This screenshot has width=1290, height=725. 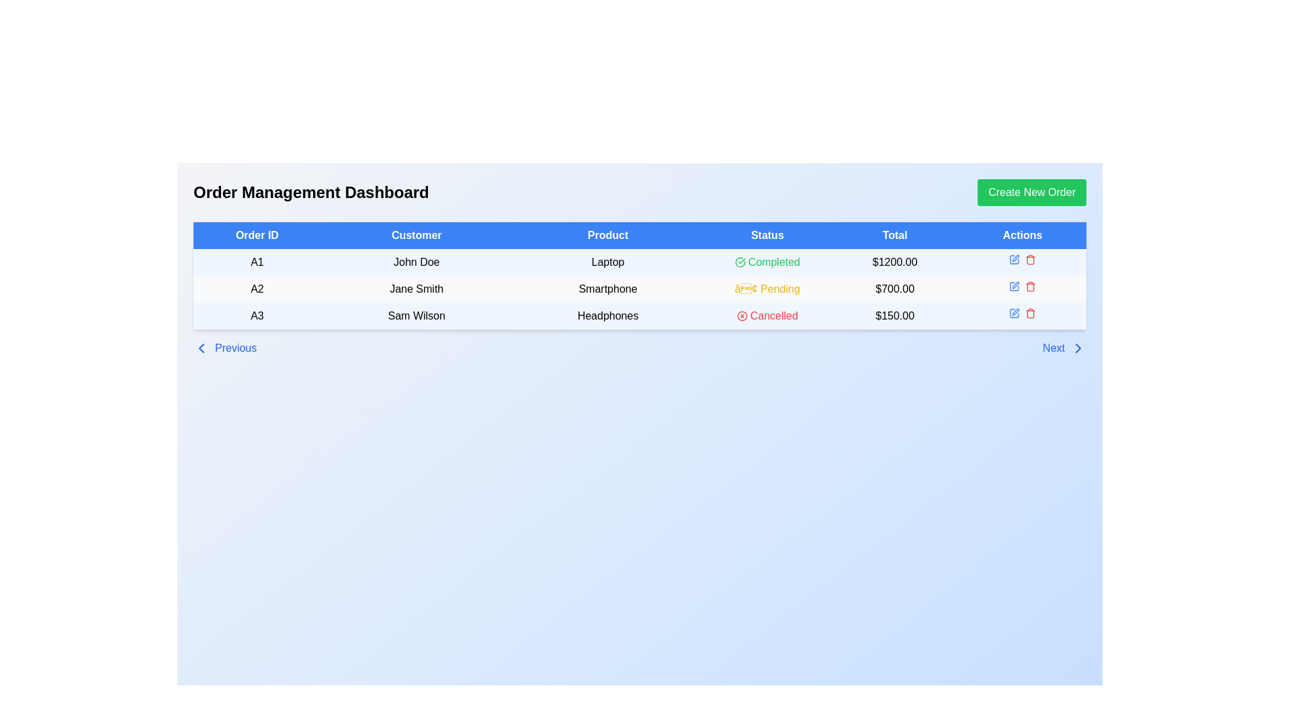 I want to click on the 'Edit' icon button located in the 'Actions' column of the row for 'Jane Smith', so click(x=1016, y=284).